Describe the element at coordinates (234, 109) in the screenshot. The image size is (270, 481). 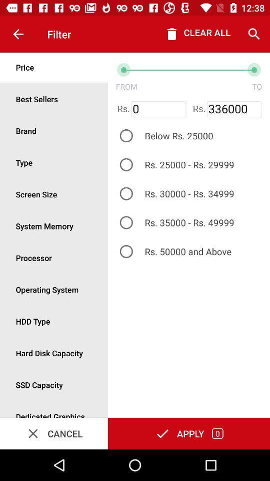
I see `item next to rs.` at that location.